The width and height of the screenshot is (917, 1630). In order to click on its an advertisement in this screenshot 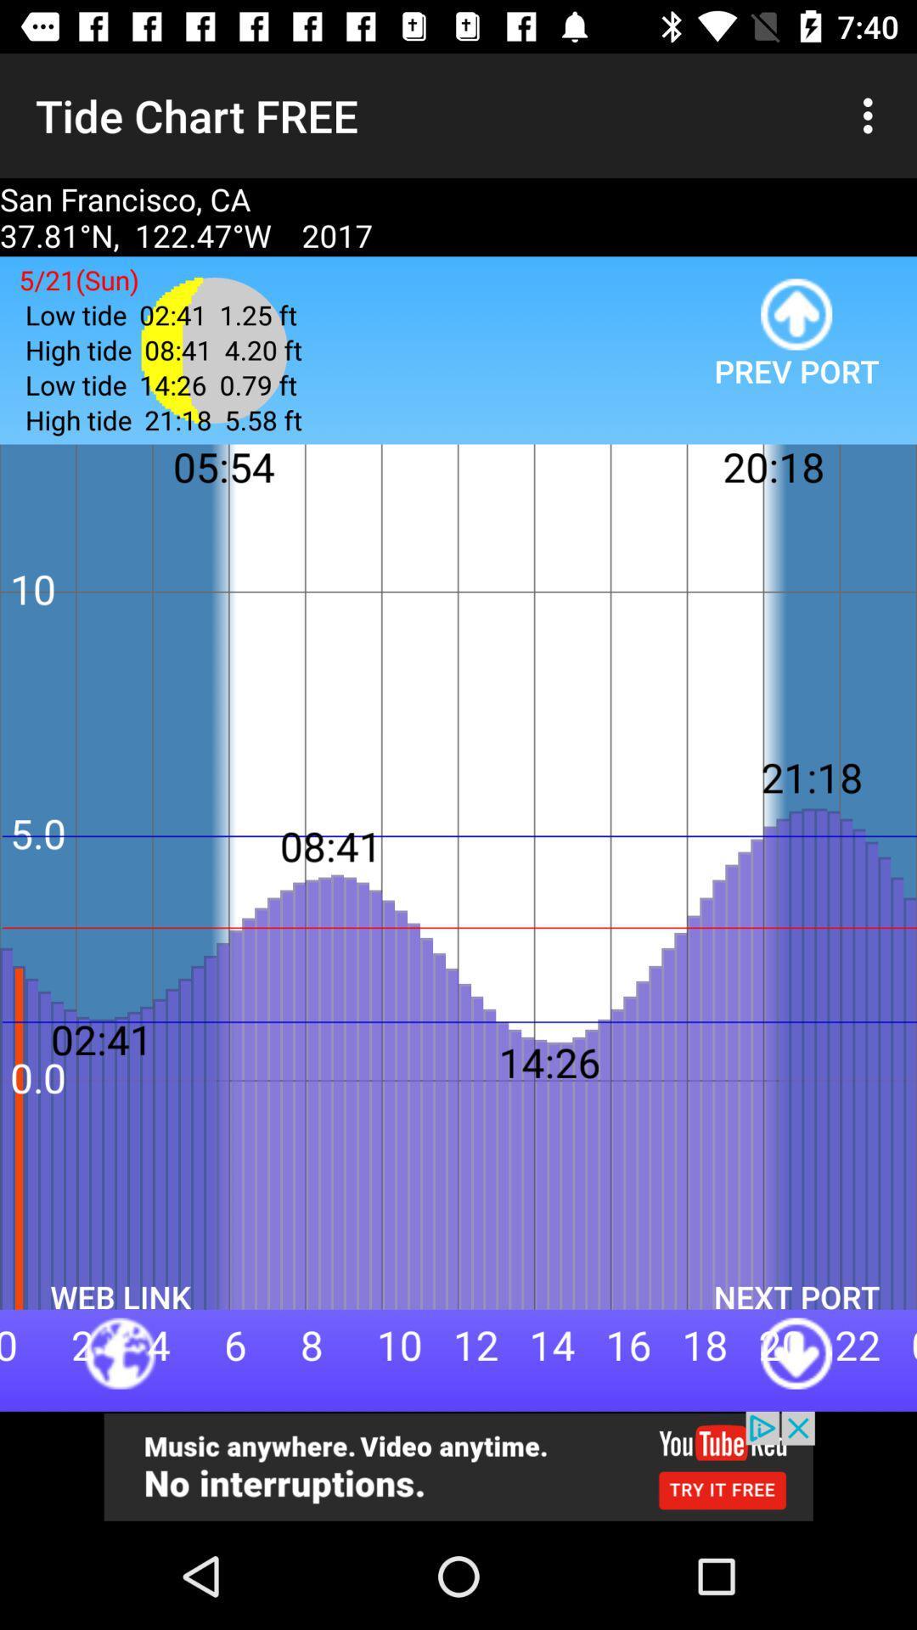, I will do `click(458, 1466)`.